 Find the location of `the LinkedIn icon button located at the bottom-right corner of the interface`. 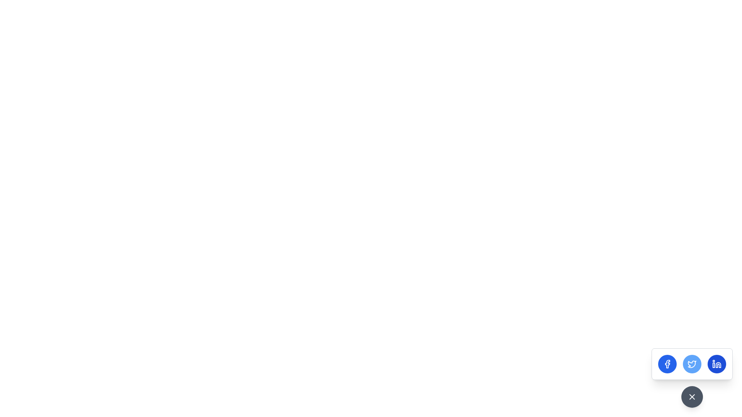

the LinkedIn icon button located at the bottom-right corner of the interface is located at coordinates (716, 364).